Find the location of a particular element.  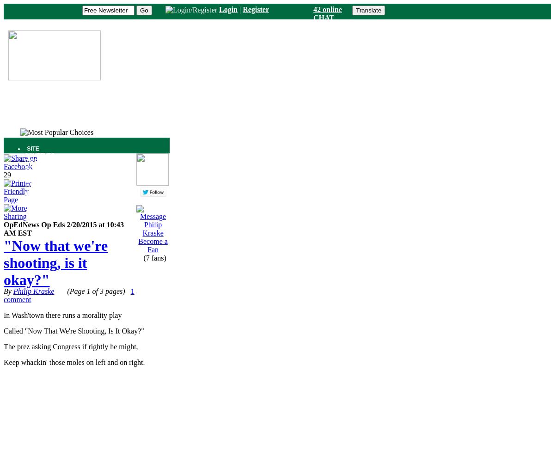

'The prez asking Congress if rightly he might,' is located at coordinates (70, 346).